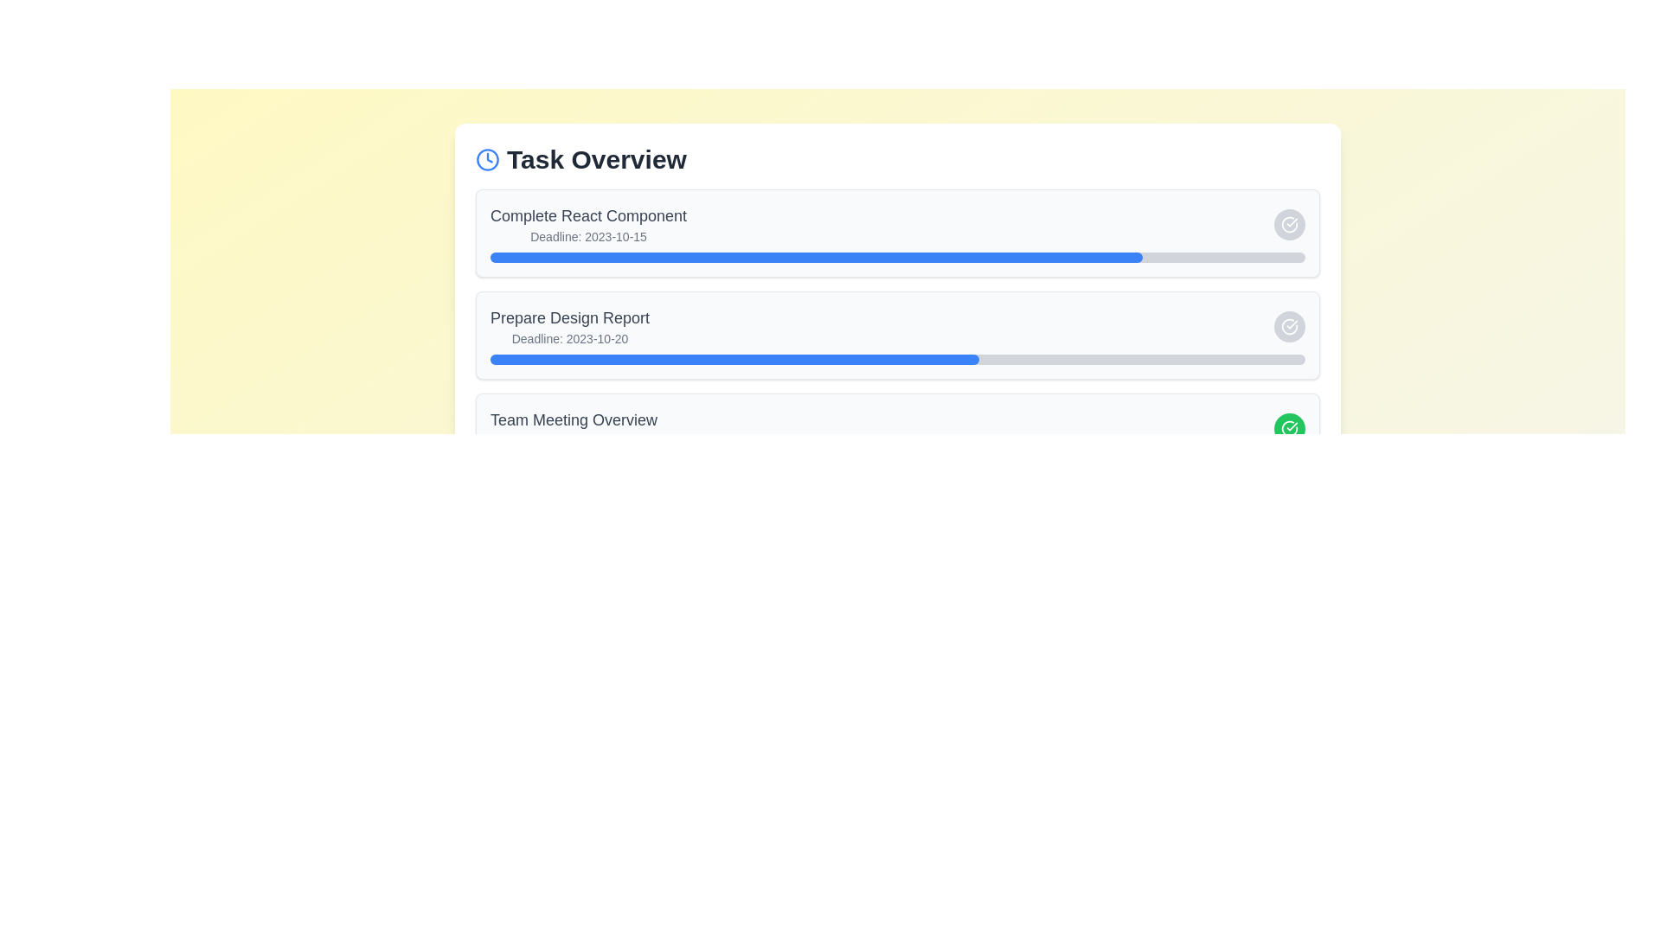 The height and width of the screenshot is (934, 1661). What do you see at coordinates (897, 257) in the screenshot?
I see `the progress bar indicating 80% completion for the task 'Complete React Component' located below the task's text` at bounding box center [897, 257].